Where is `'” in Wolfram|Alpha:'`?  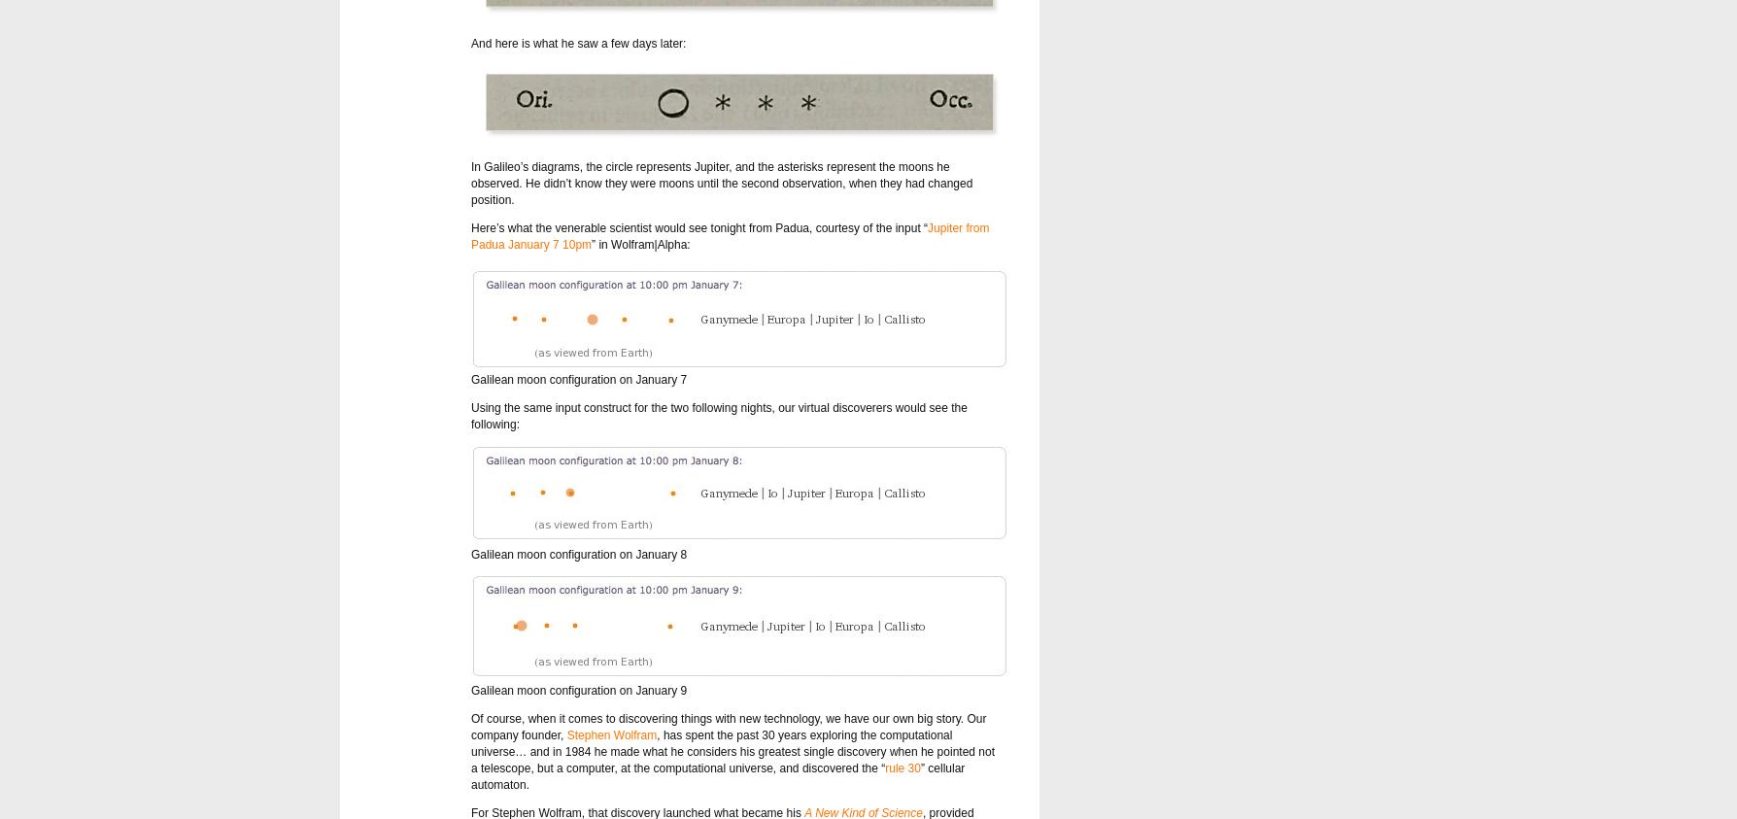 '” in Wolfram|Alpha:' is located at coordinates (640, 244).